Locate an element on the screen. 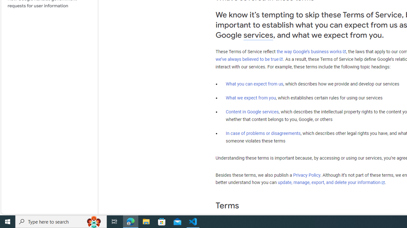 The image size is (407, 228). 'What we expect from you' is located at coordinates (251, 98).